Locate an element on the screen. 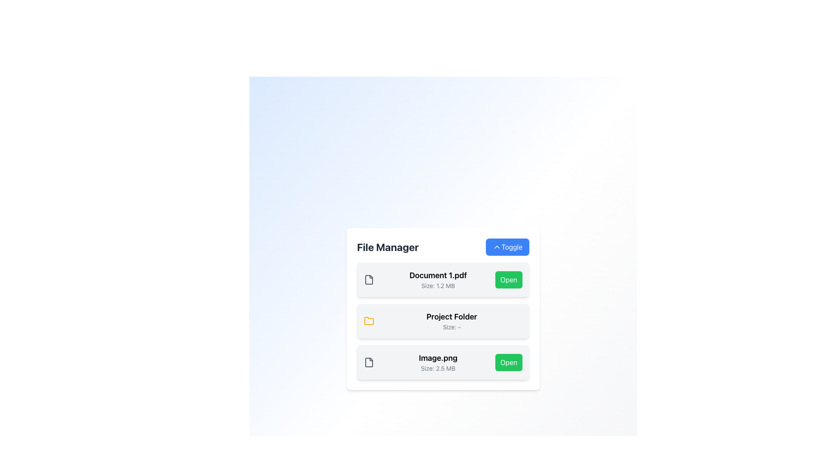  the upward-pointing chevron icon located on the right side of the blue 'Toggle' button is located at coordinates (497, 247).